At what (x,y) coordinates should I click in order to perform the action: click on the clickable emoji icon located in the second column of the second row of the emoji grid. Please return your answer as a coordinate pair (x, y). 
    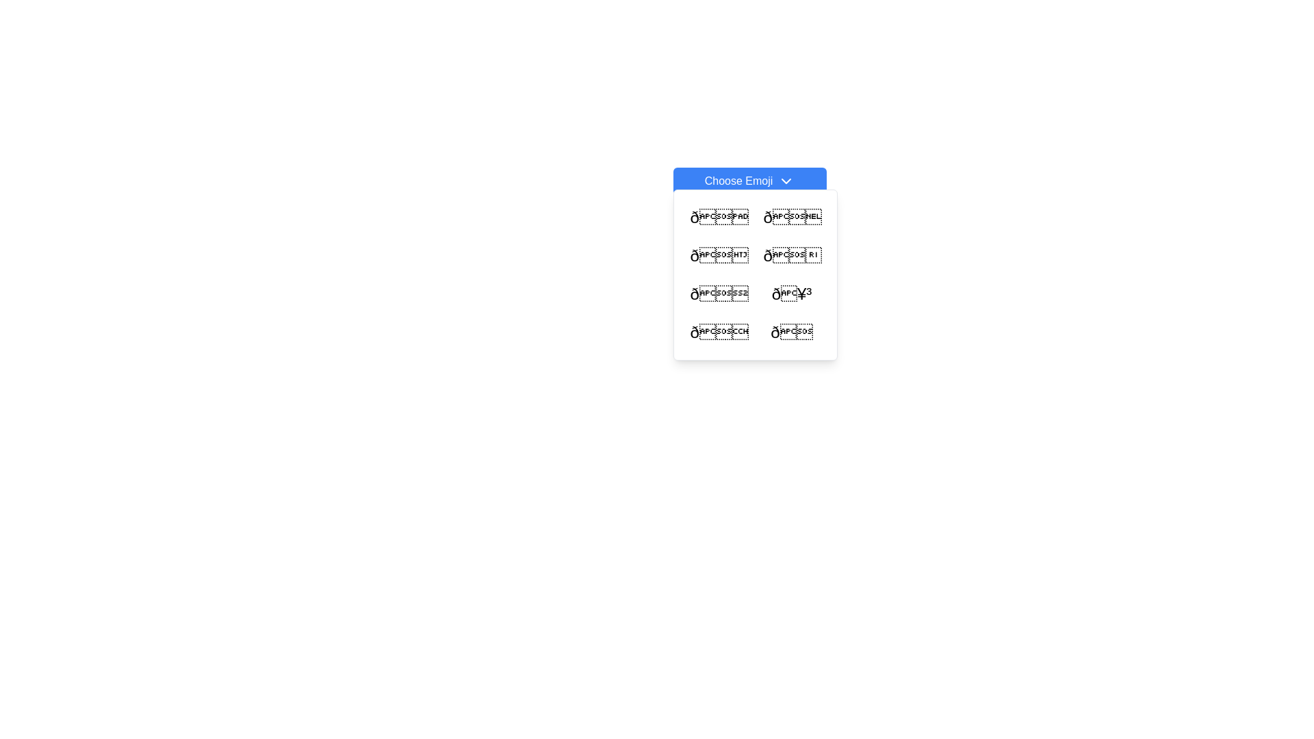
    Looking at the image, I should click on (791, 256).